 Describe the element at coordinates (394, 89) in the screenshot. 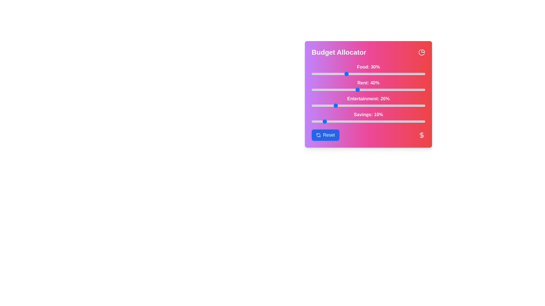

I see `the rent allocation` at that location.